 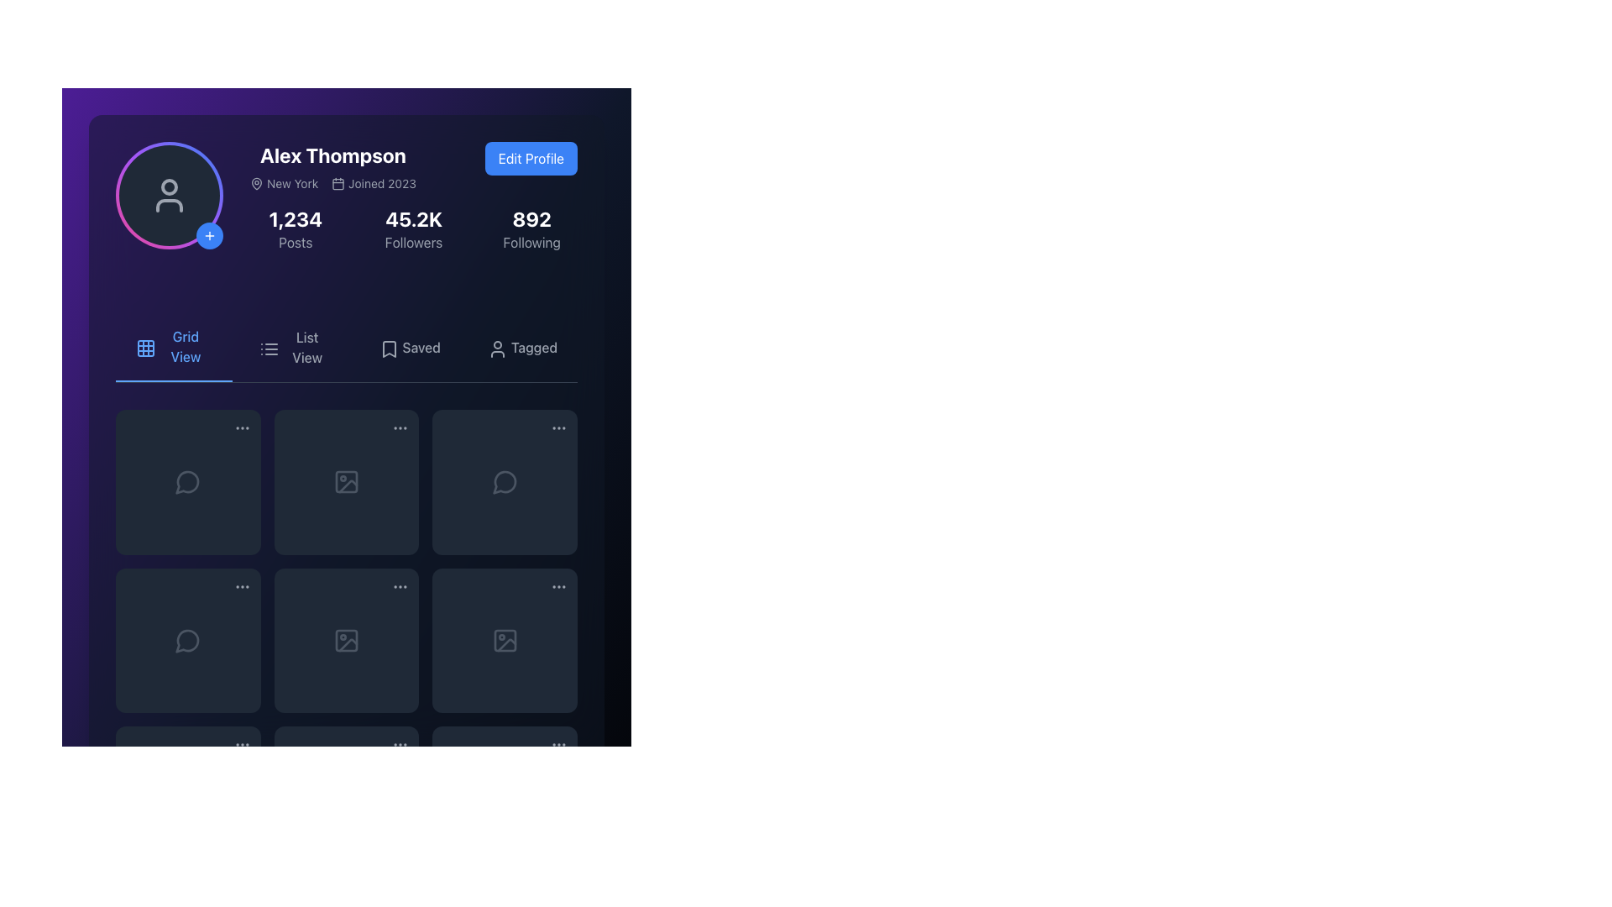 I want to click on the bookmark icon located in the navigation bar beside the 'Saved' label, so click(x=388, y=349).